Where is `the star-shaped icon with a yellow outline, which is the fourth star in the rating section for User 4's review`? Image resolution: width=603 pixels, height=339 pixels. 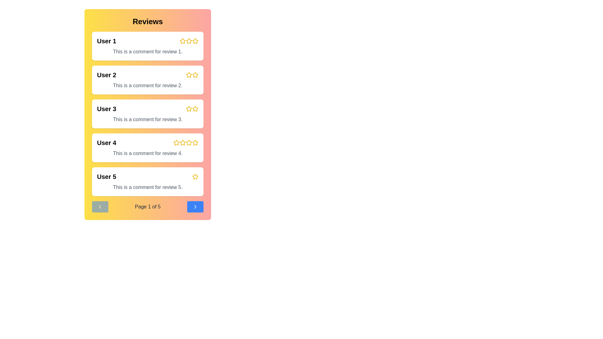 the star-shaped icon with a yellow outline, which is the fourth star in the rating section for User 4's review is located at coordinates (176, 143).